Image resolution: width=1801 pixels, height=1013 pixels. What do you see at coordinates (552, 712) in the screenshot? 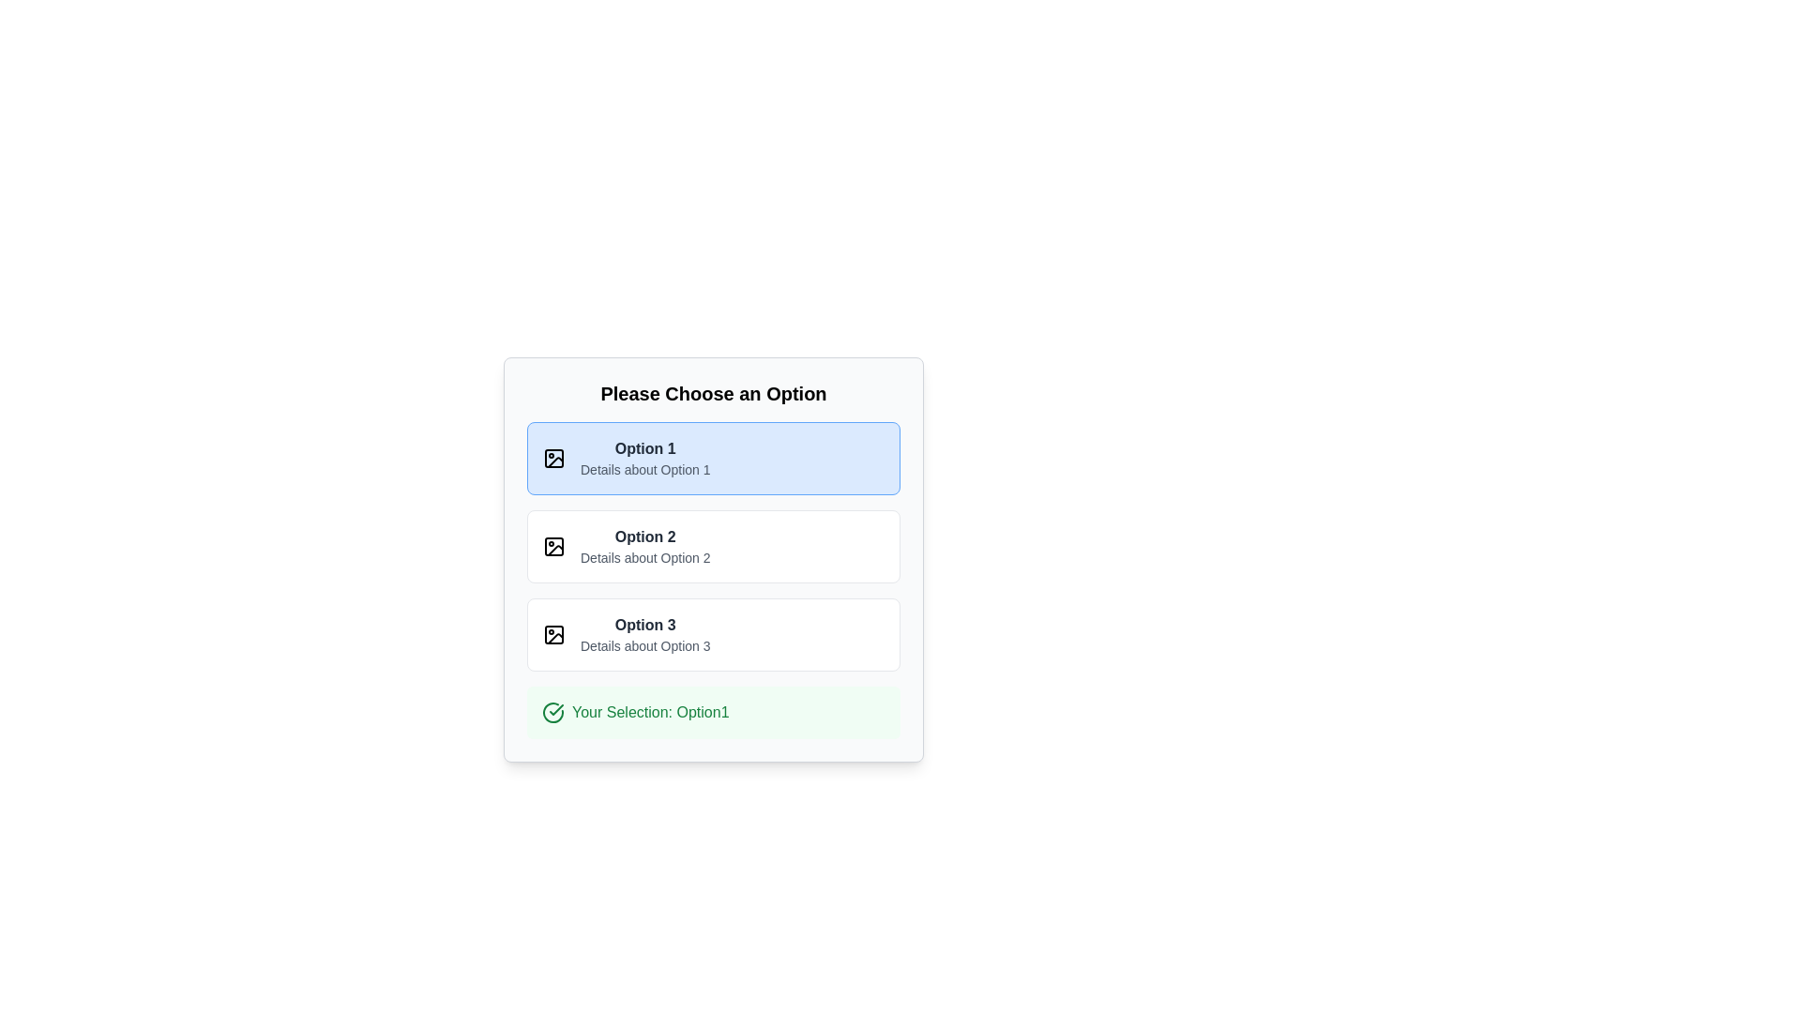
I see `the visual feedback of the checkmark icon inside the green-highlighted confirmation message box, located to the left of the text 'Your Selection: Option1'` at bounding box center [552, 712].